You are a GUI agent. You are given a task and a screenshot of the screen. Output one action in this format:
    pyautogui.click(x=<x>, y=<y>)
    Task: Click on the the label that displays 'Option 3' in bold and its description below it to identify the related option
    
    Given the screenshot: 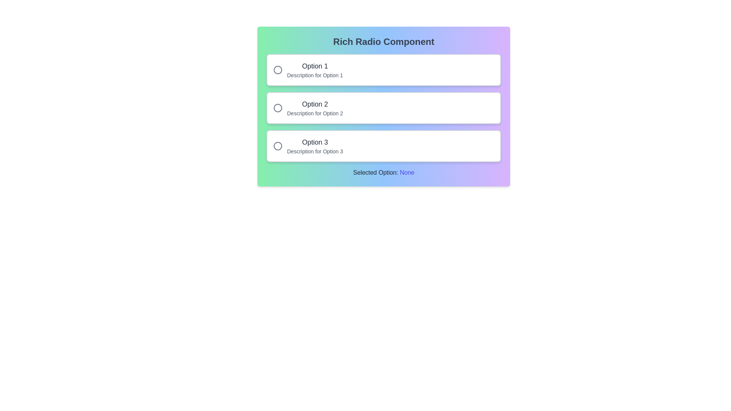 What is the action you would take?
    pyautogui.click(x=315, y=146)
    